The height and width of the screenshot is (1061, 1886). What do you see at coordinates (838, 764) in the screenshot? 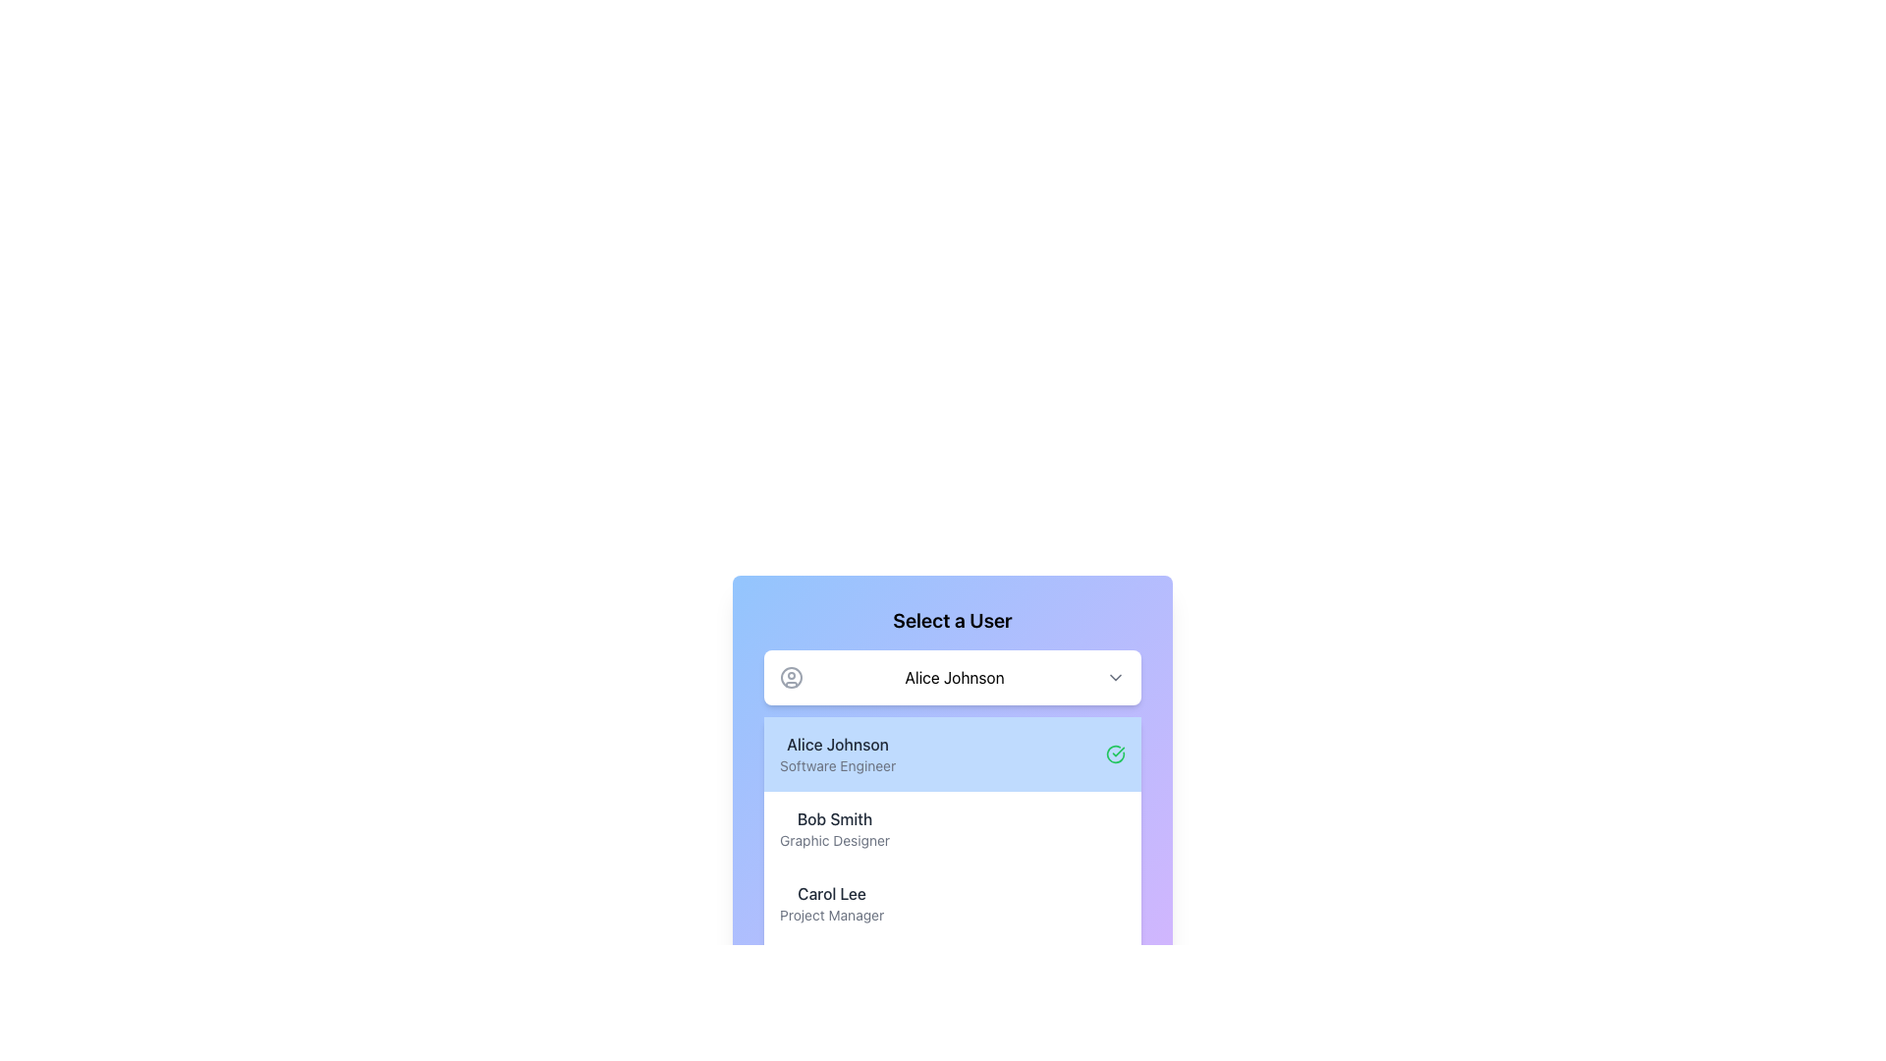
I see `the text 'Software Engineer' displayed in small, gray font beneath 'Alice Johnson' in the dropdown list with a blue gradient background` at bounding box center [838, 764].